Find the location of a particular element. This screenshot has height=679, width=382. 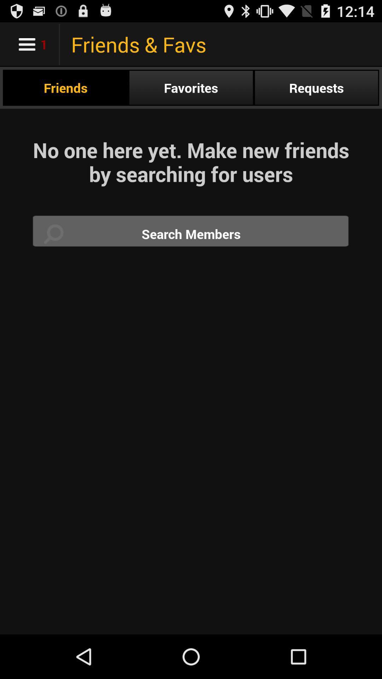

app above the no one here is located at coordinates (191, 87).